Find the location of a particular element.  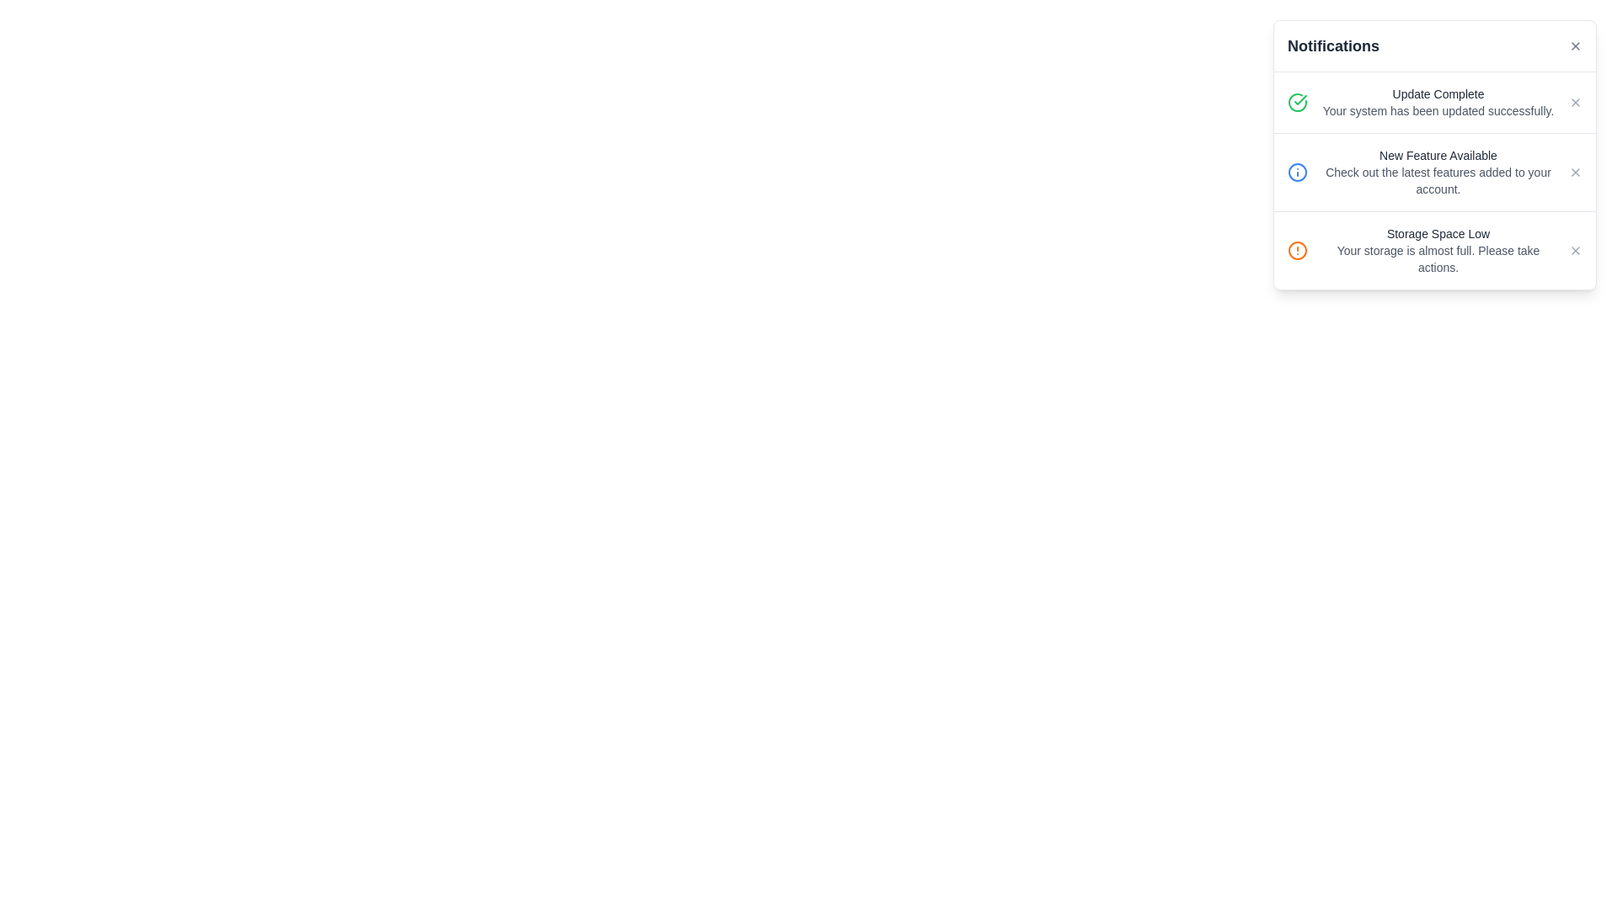

the alert icon indicating low storage space, located to the left of the 'Storage Space Low' message in the third notification is located at coordinates (1296, 250).